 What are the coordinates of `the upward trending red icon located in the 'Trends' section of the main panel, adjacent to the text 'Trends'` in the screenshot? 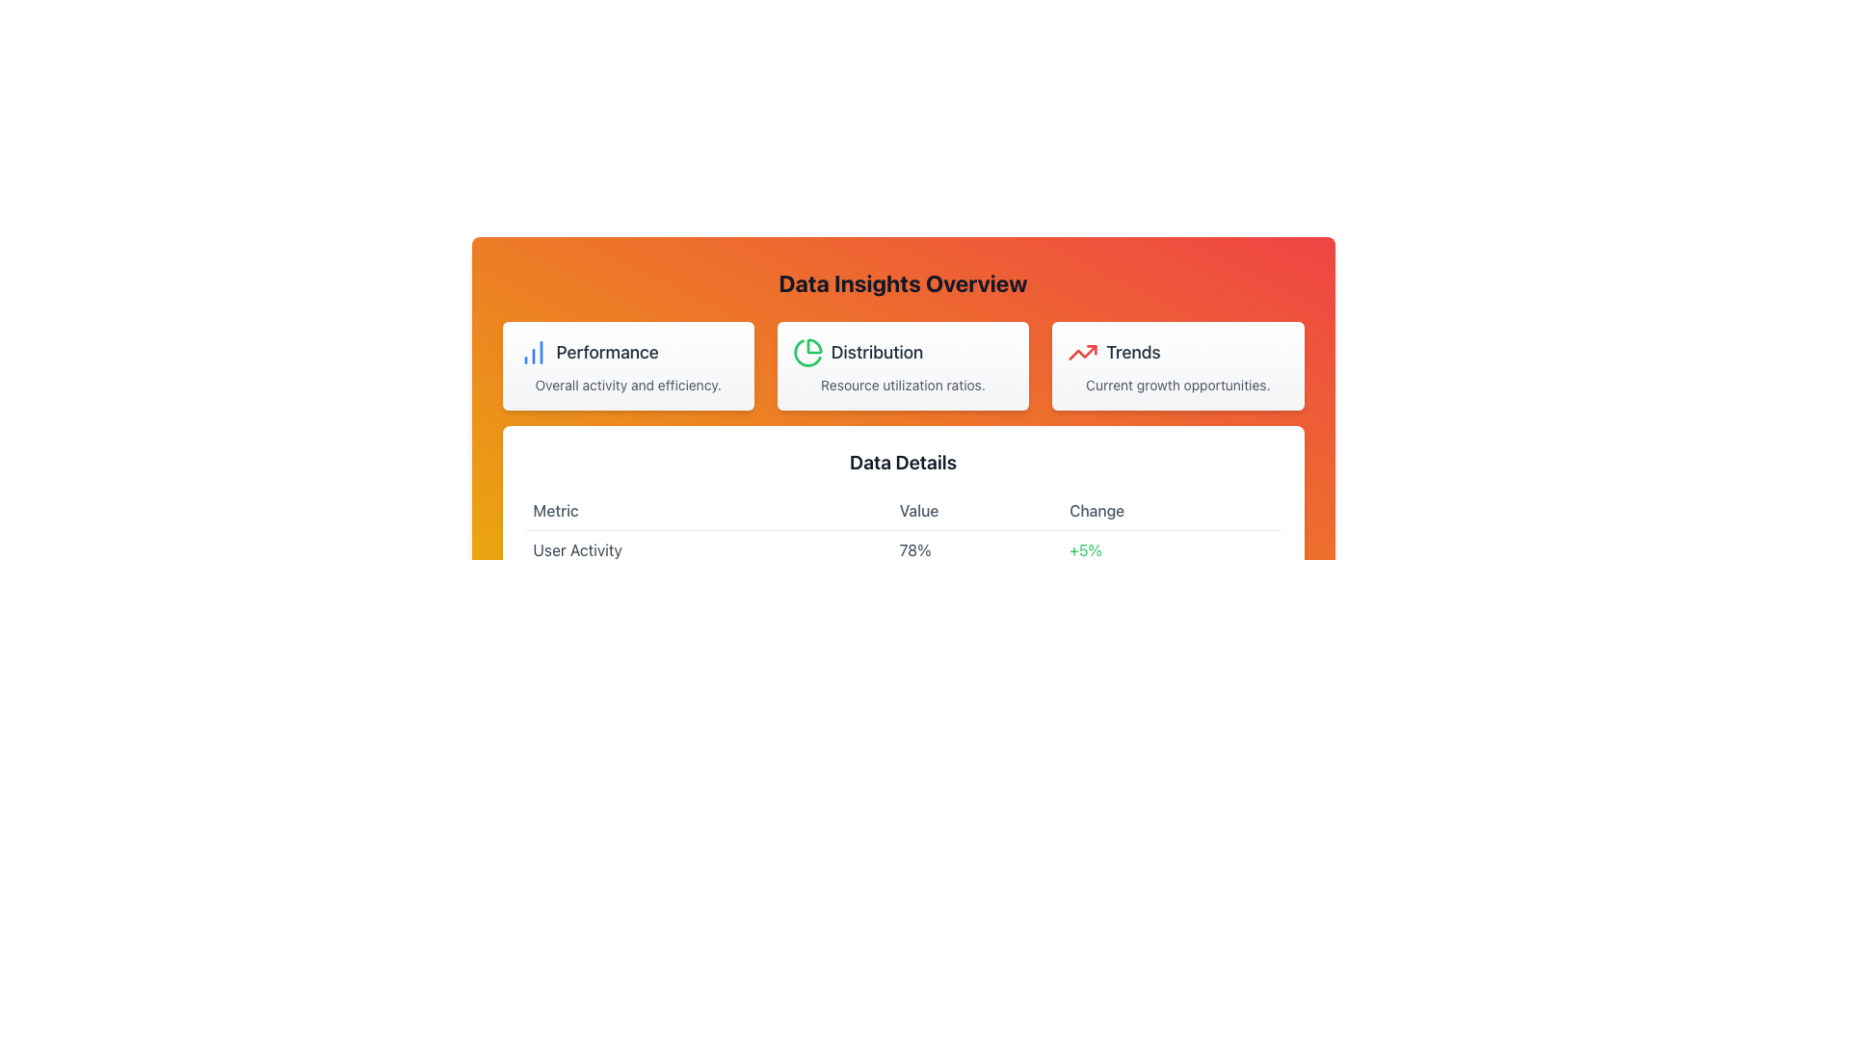 It's located at (1083, 353).